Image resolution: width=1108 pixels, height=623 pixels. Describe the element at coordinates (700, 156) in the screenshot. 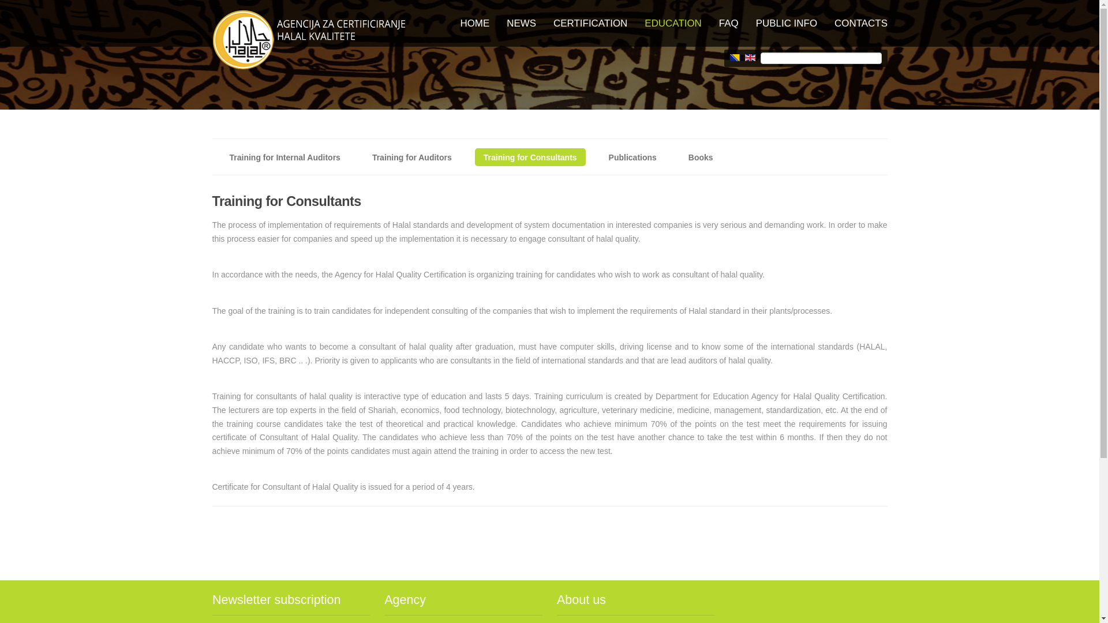

I see `'Books'` at that location.